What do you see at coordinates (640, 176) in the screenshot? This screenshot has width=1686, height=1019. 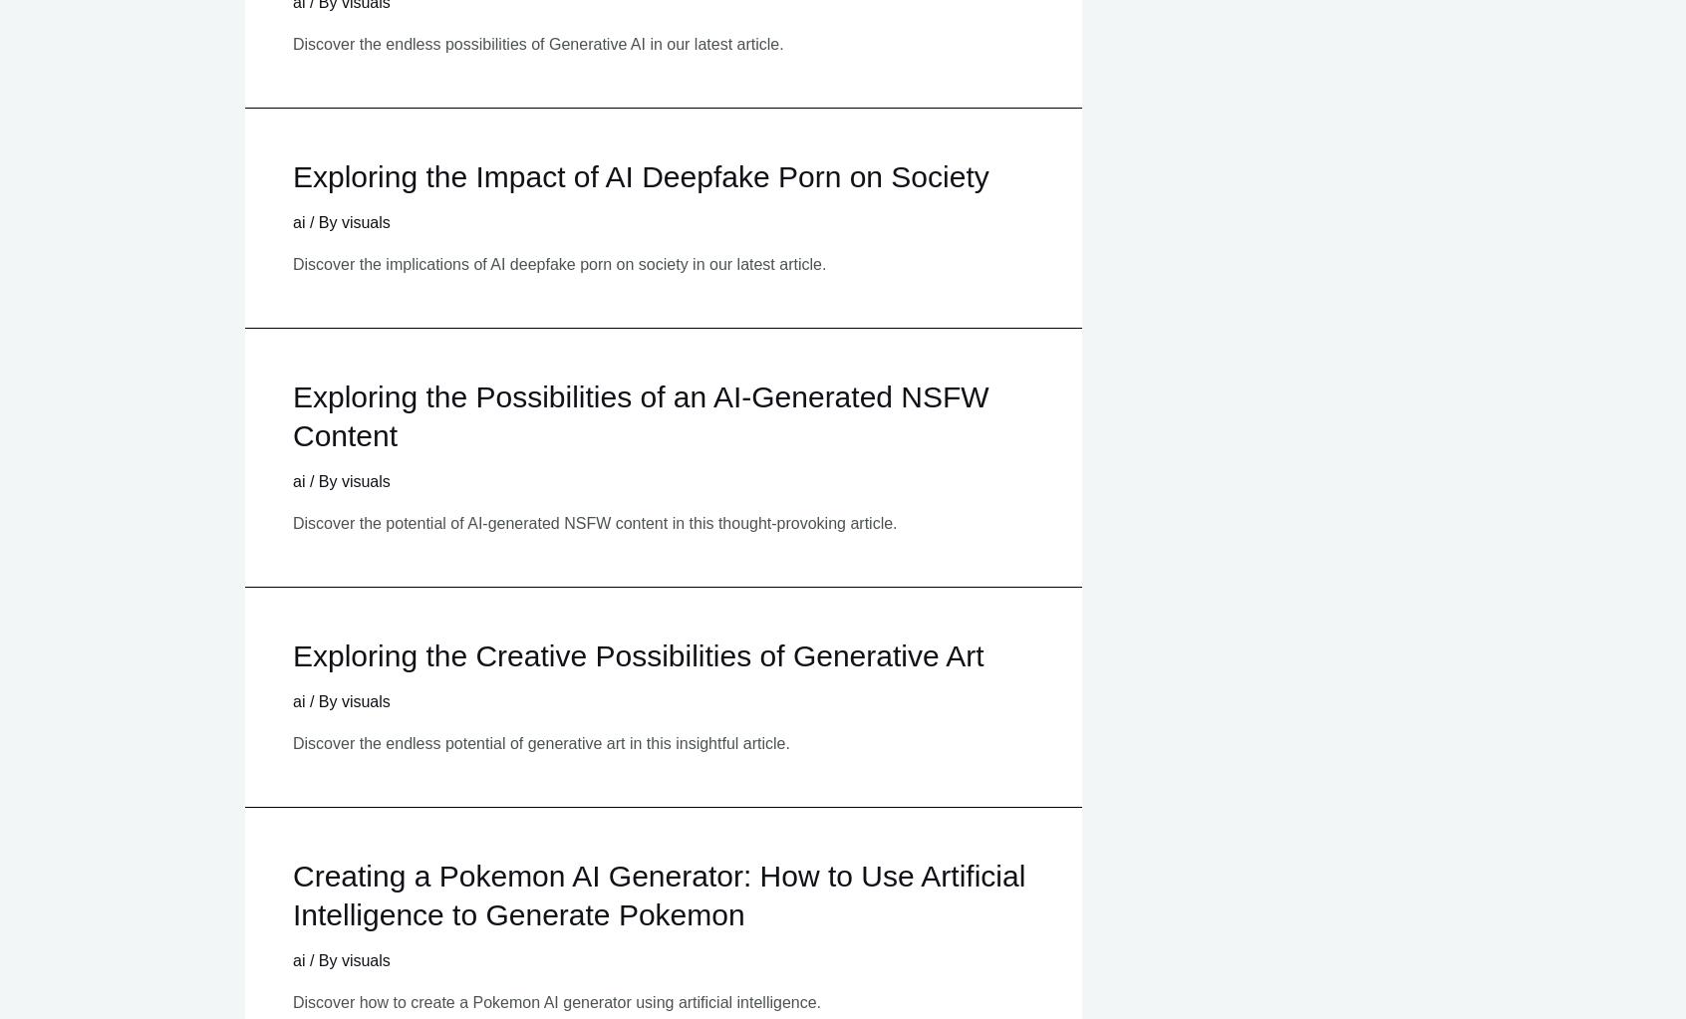 I see `'Exploring the Impact of AI Deepfake Porn on Society'` at bounding box center [640, 176].